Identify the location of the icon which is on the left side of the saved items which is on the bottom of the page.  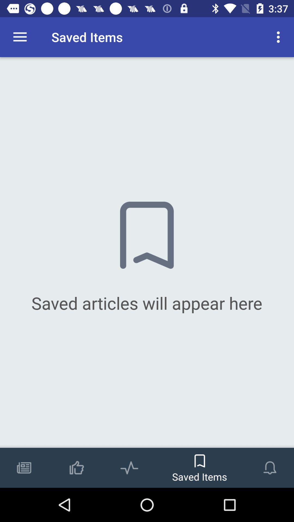
(129, 462).